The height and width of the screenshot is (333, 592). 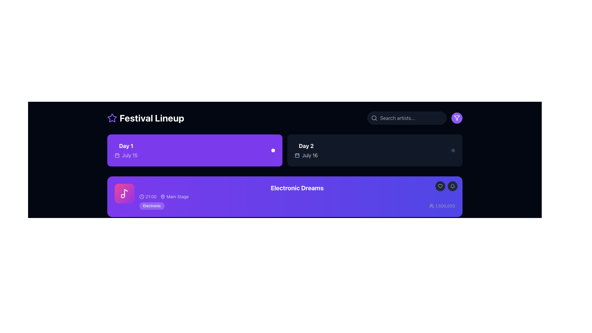 What do you see at coordinates (112, 118) in the screenshot?
I see `the violet star icon with a thick border located at the top-left corner of the interface near the 'Festival Lineup' heading` at bounding box center [112, 118].